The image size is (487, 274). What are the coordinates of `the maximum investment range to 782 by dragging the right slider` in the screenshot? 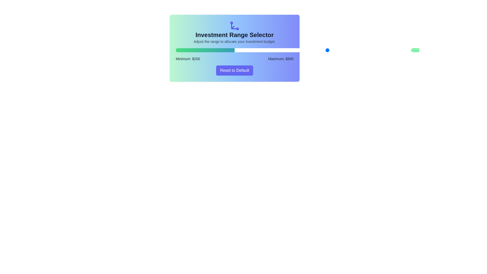 It's located at (349, 50).